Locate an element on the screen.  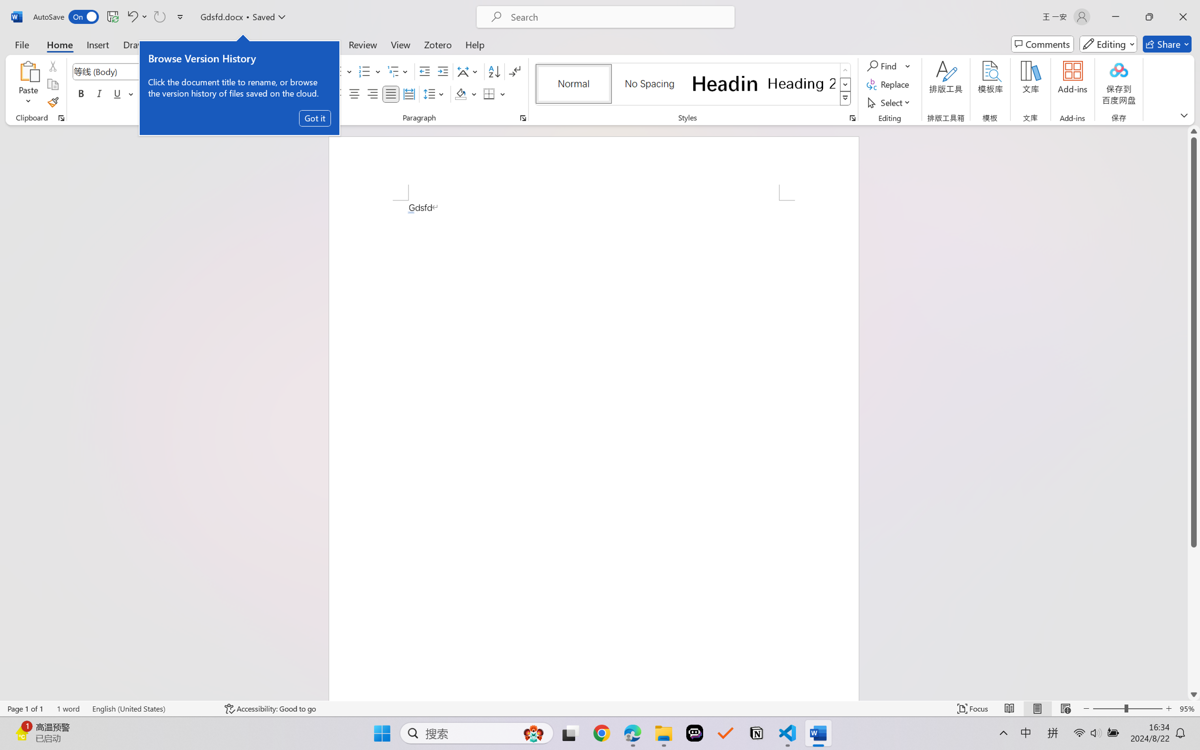
'Format Painter' is located at coordinates (52, 103).